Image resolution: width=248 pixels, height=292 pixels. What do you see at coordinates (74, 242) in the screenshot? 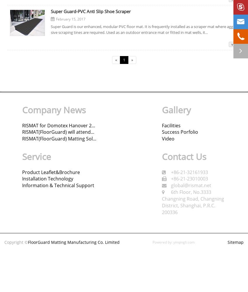
I see `'FloorGuard Matting Manufacturing Co. Limited'` at bounding box center [74, 242].